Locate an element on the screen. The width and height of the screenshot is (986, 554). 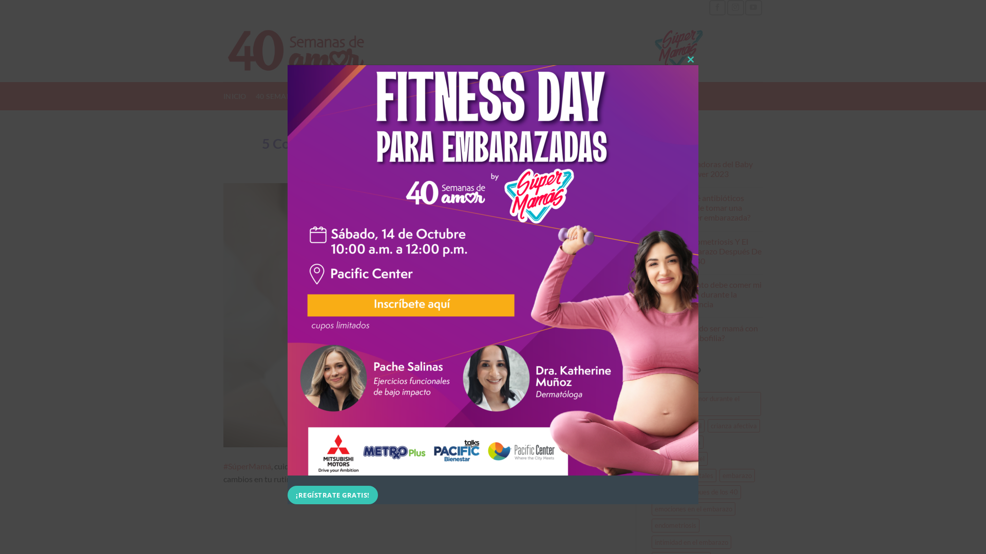
'cambios de humor durante el embarazo' is located at coordinates (705, 403).